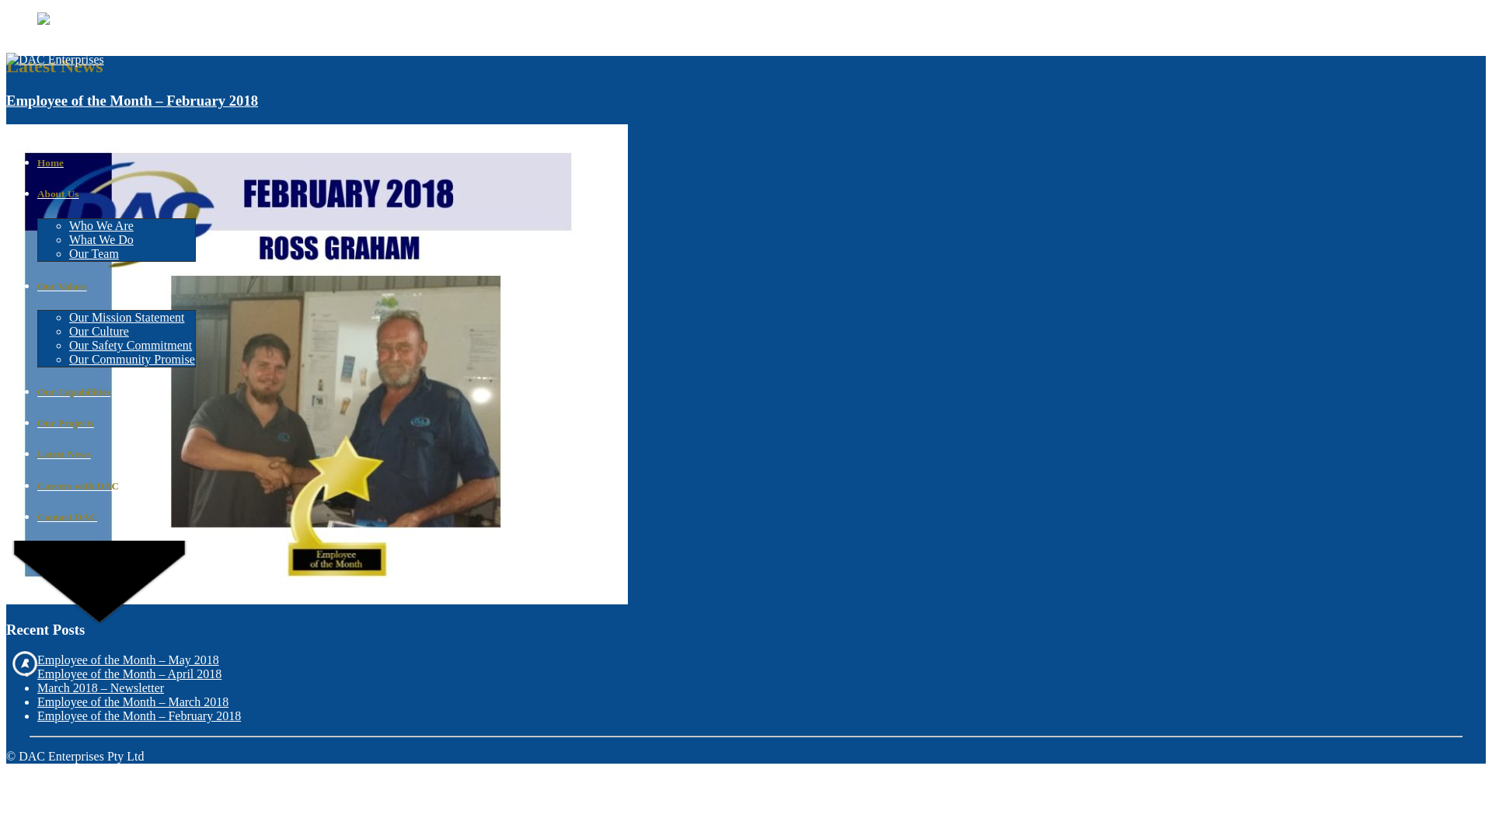 Image resolution: width=1492 pixels, height=839 pixels. Describe the element at coordinates (25, 663) in the screenshot. I see `'Hide the navigation'` at that location.